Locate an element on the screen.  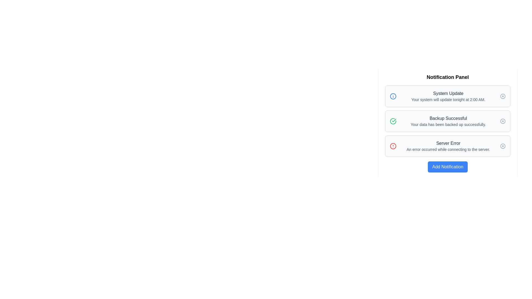
information displayed in the 'System Update' notification card, which has a light gray background and contains the title 'System Update' and the message 'Your system will update tonight at 2:00 AM.' is located at coordinates (448, 96).